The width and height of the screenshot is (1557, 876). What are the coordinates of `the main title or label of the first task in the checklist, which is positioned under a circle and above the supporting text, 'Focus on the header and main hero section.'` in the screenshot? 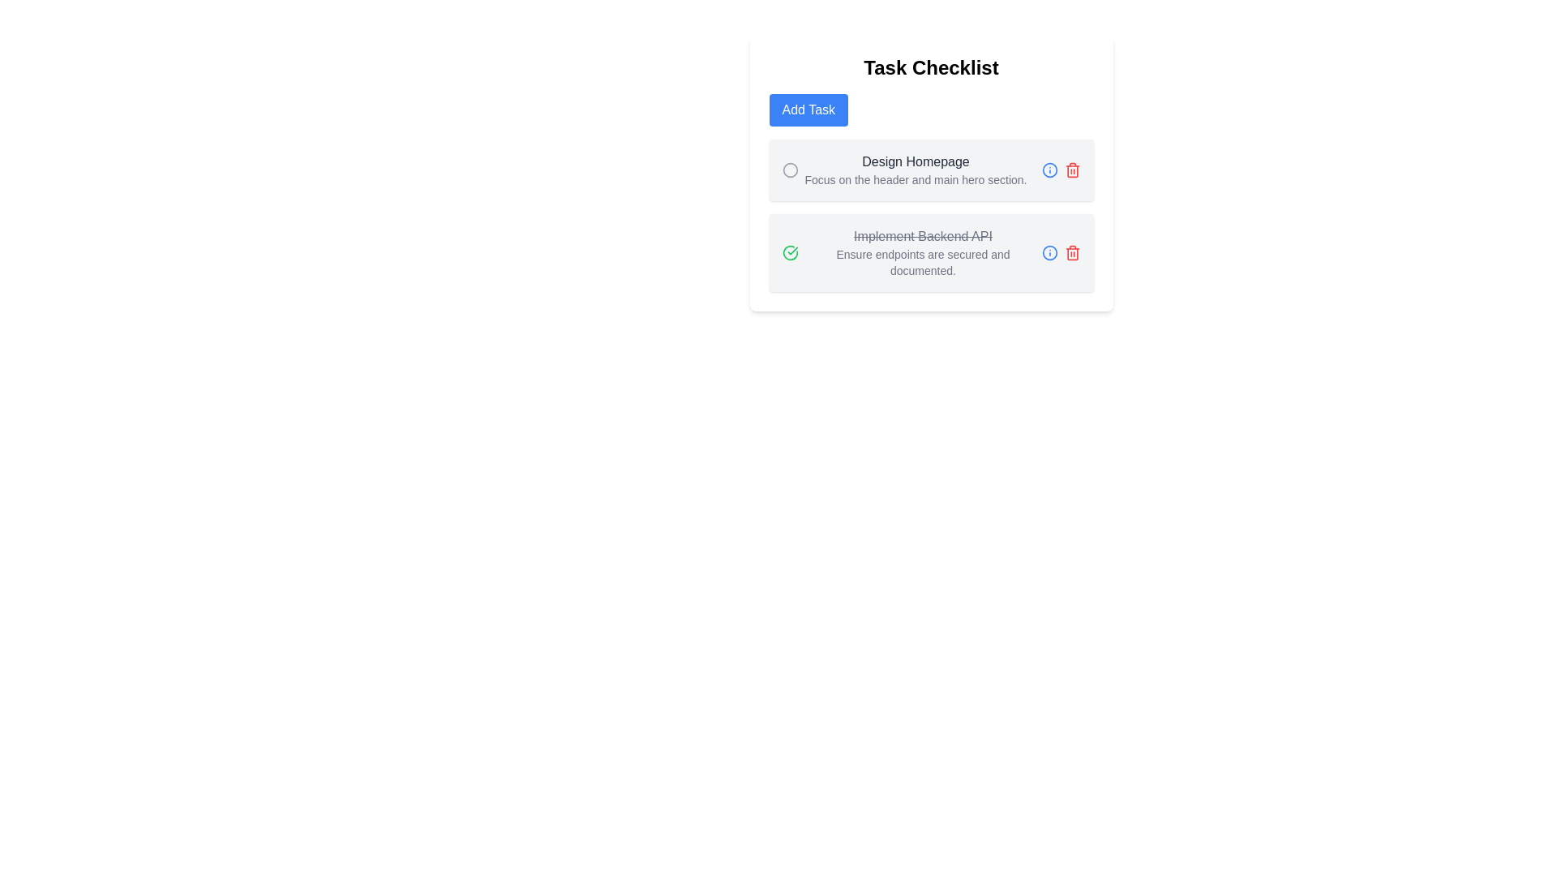 It's located at (916, 162).